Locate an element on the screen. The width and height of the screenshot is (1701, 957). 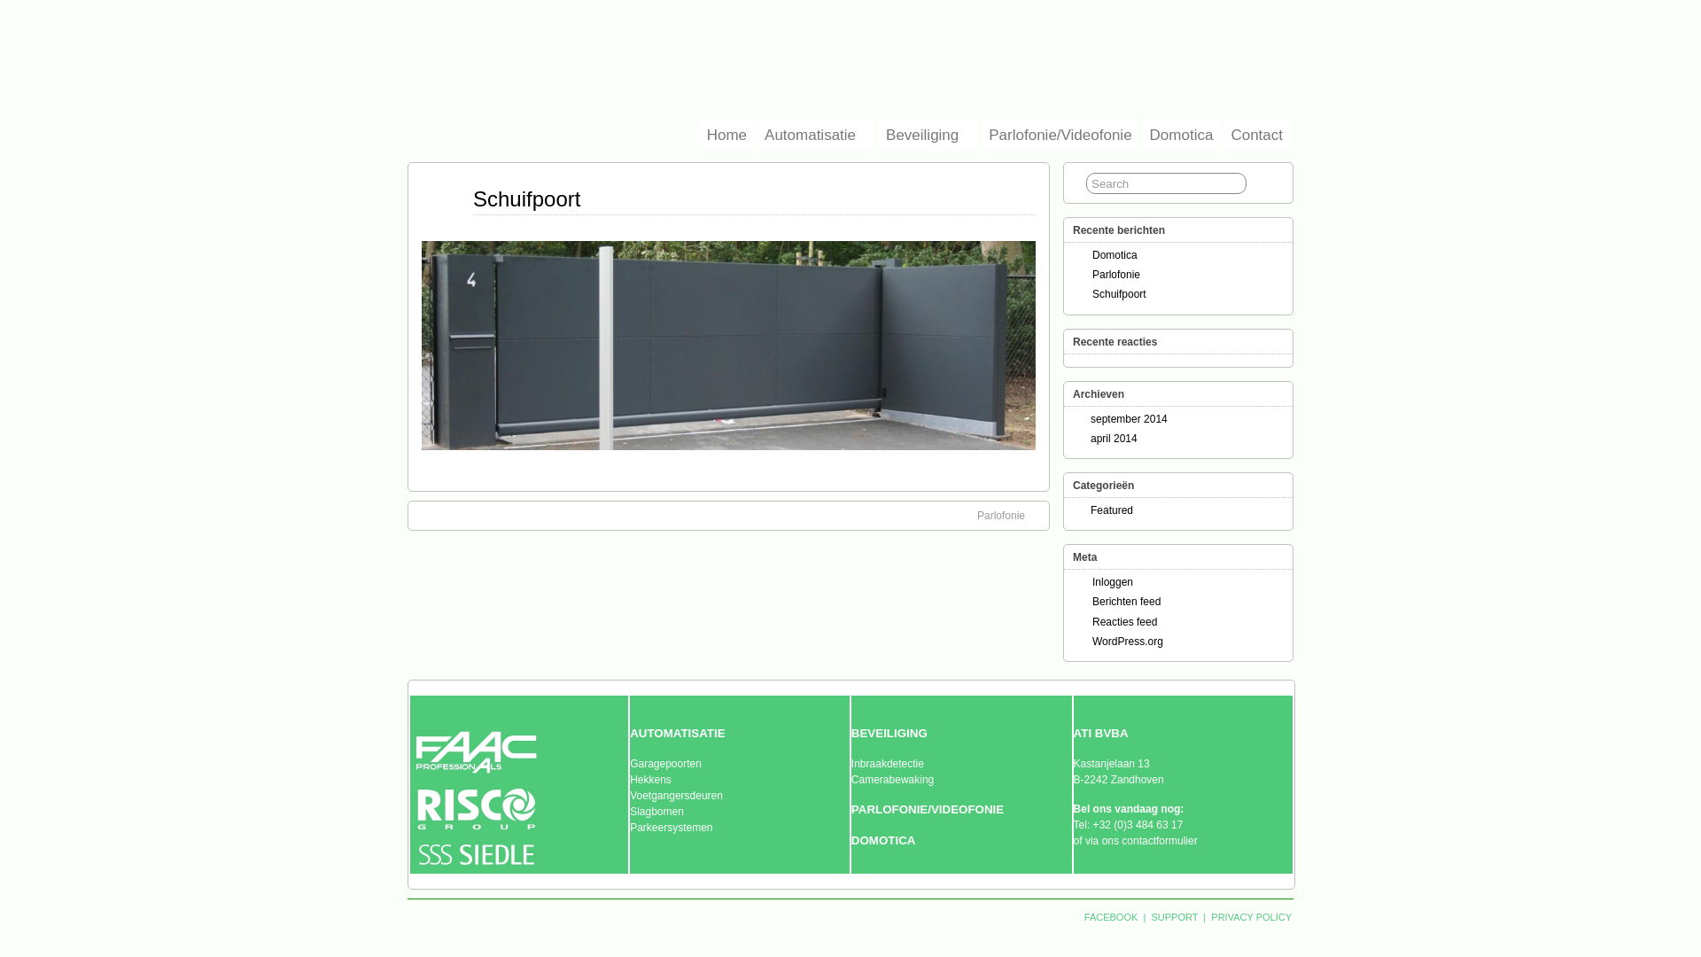
'VIDEOFONIE' is located at coordinates (966, 809).